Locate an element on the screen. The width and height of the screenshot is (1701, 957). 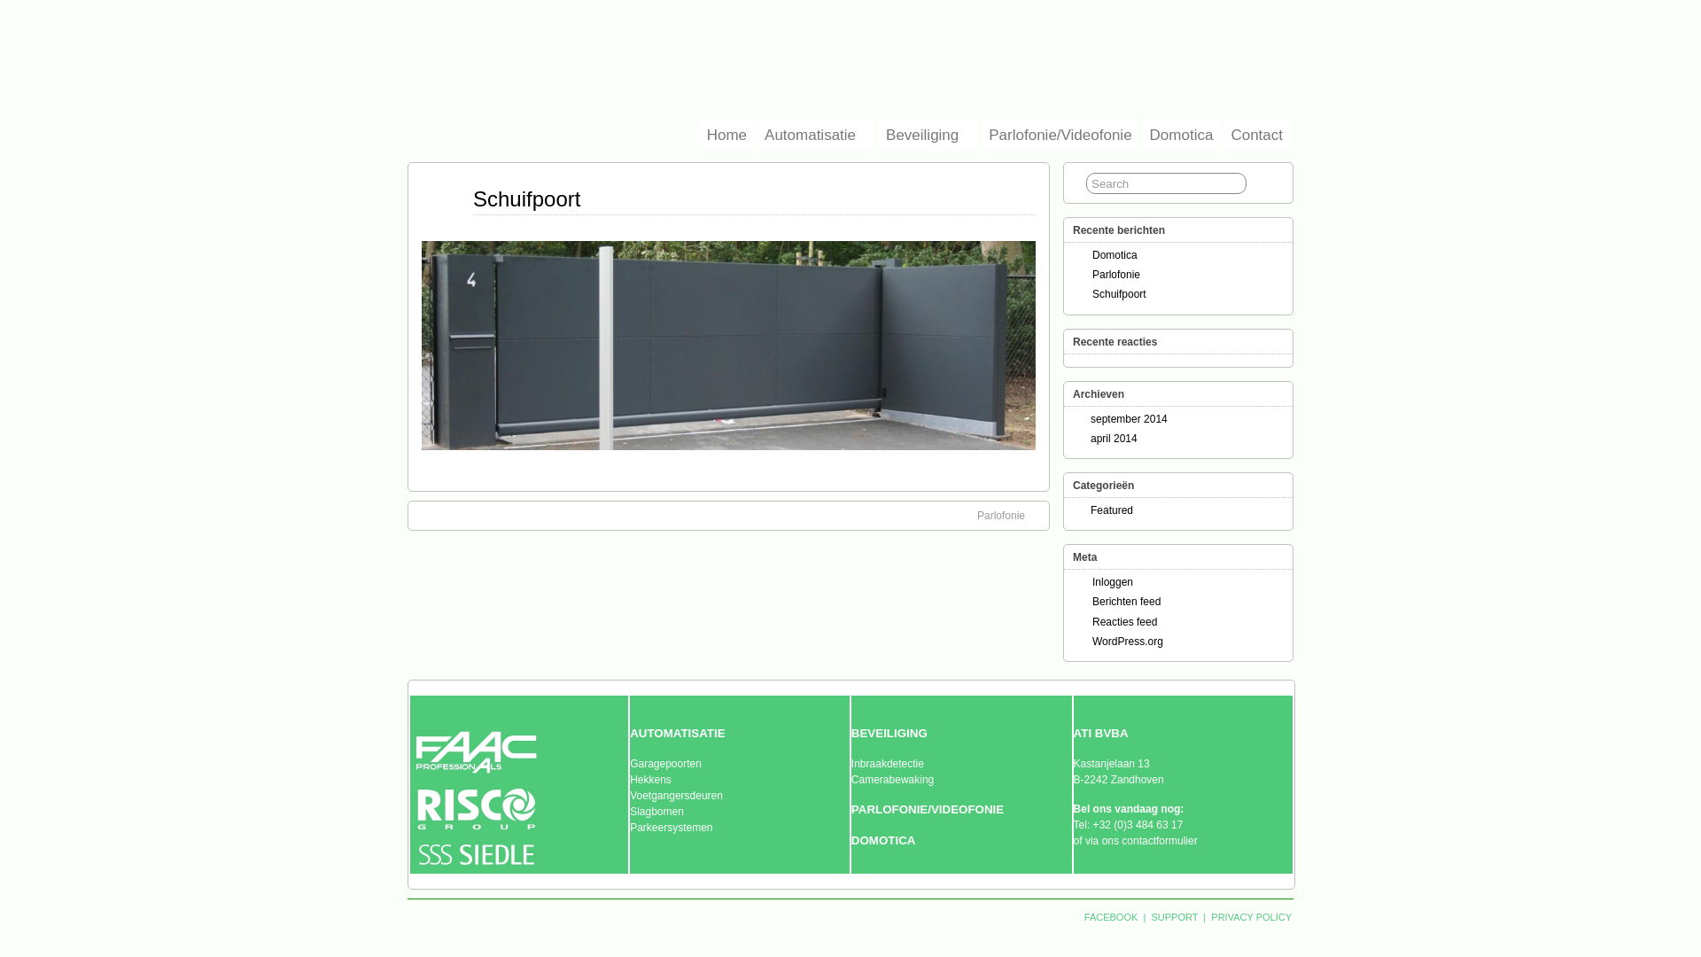
'VIDEOFONIE' is located at coordinates (966, 809).